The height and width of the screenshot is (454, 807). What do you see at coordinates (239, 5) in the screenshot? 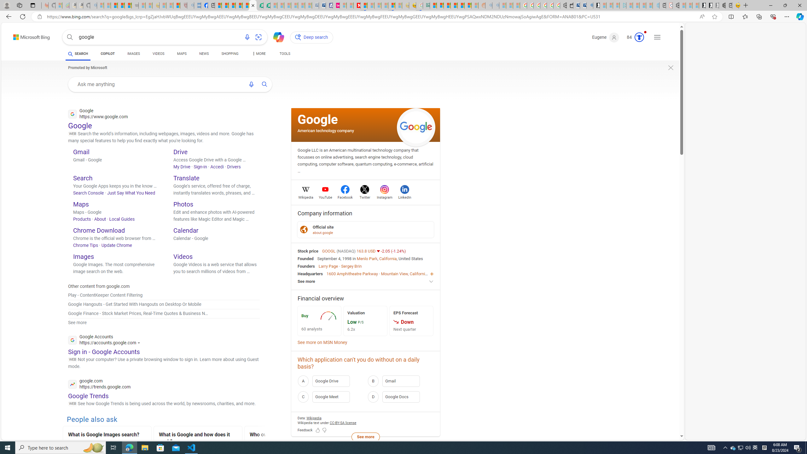
I see `'Pets - MSN'` at bounding box center [239, 5].